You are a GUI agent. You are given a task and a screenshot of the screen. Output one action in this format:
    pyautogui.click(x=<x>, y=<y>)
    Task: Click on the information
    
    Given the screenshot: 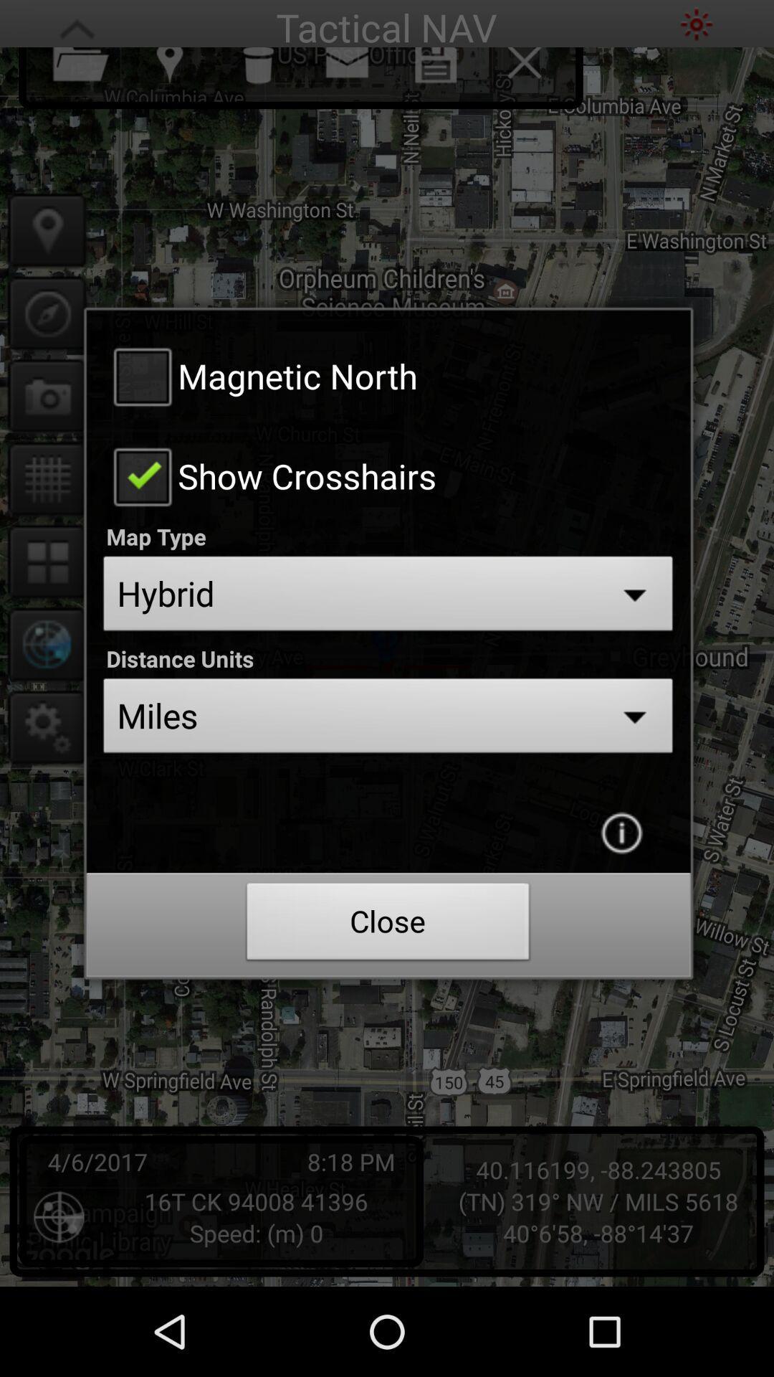 What is the action you would take?
    pyautogui.click(x=621, y=833)
    